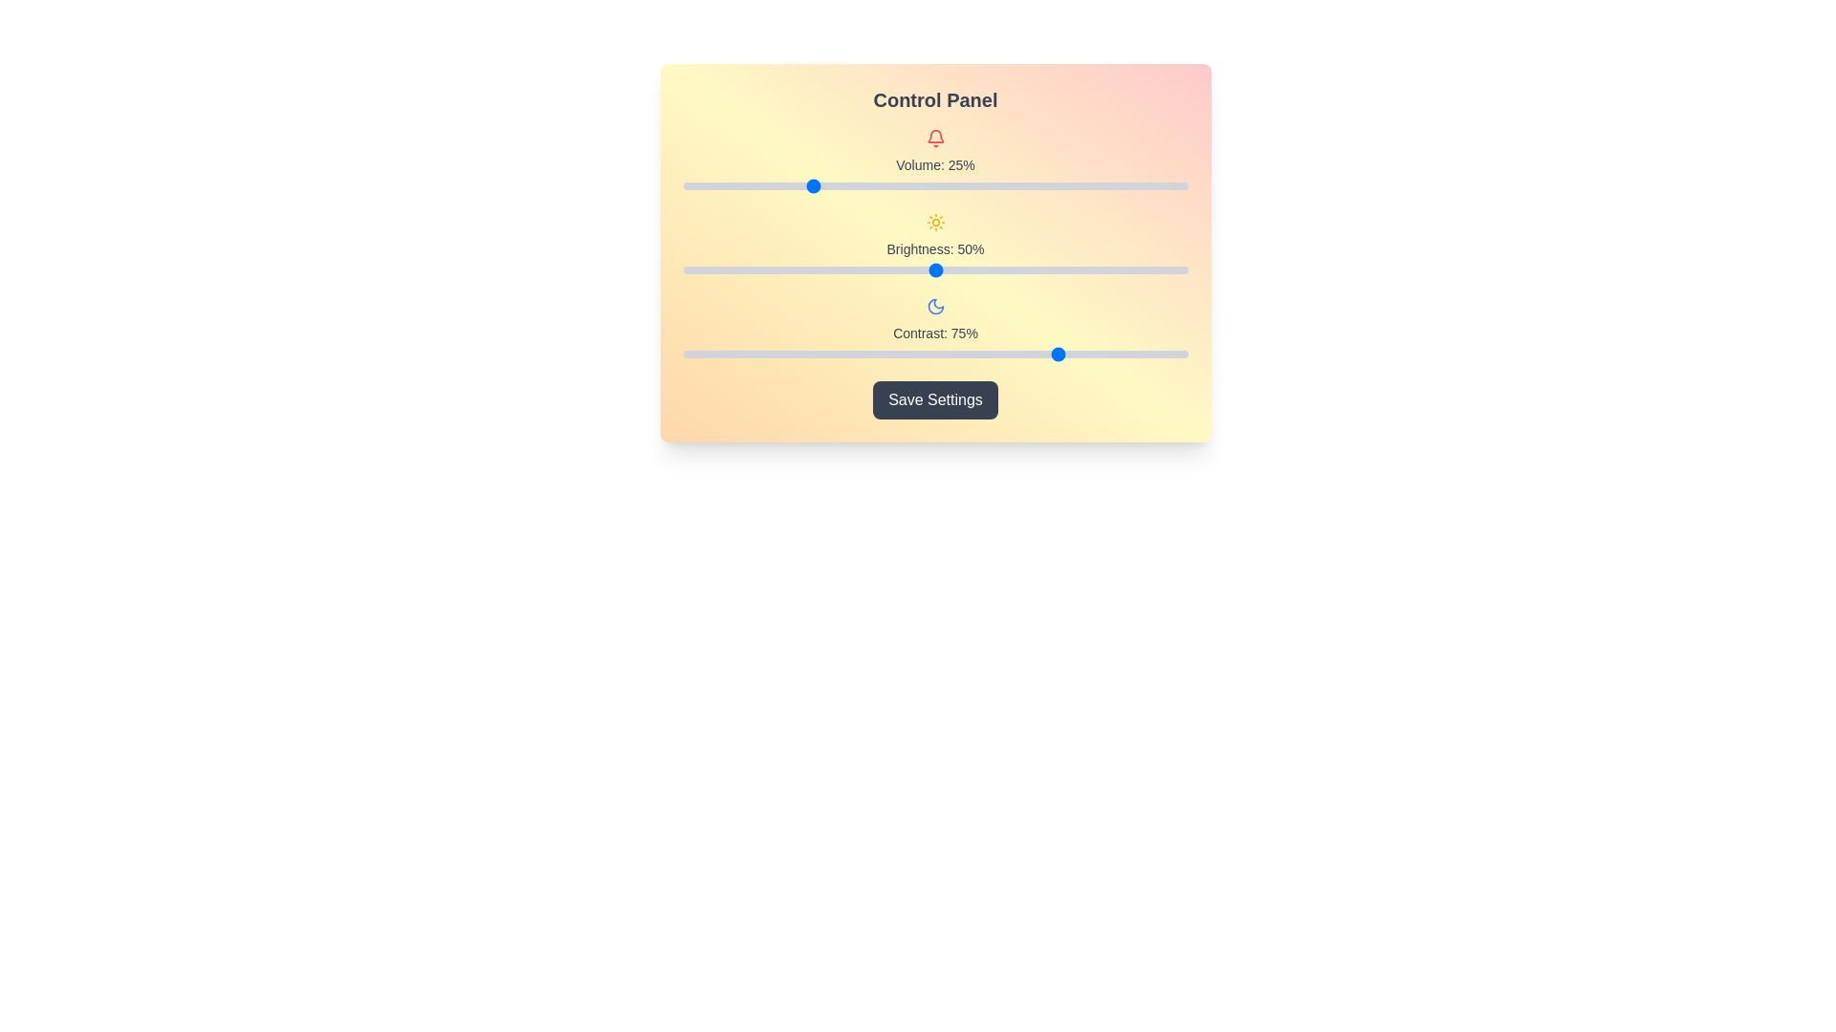 Image resolution: width=1836 pixels, height=1032 pixels. What do you see at coordinates (925, 269) in the screenshot?
I see `brightness` at bounding box center [925, 269].